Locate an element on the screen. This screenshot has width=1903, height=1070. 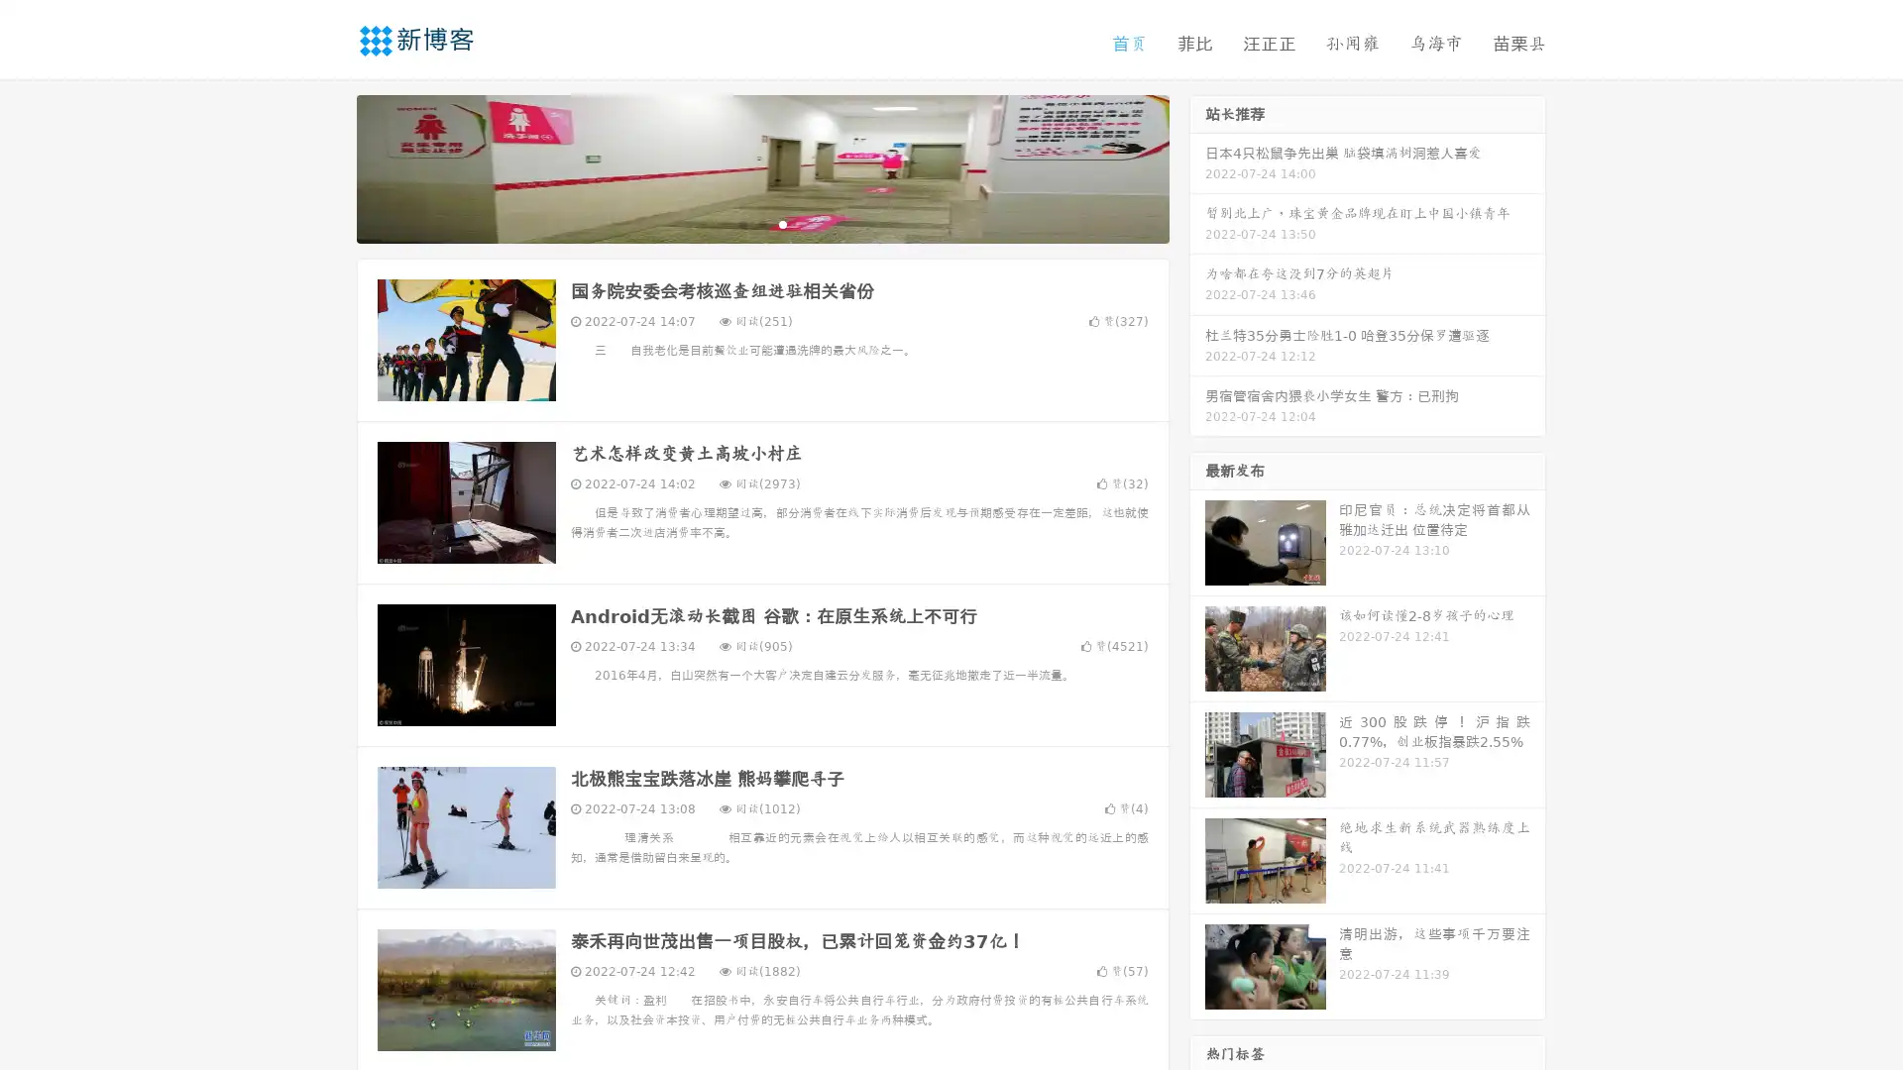
Go to slide 1 is located at coordinates (741, 223).